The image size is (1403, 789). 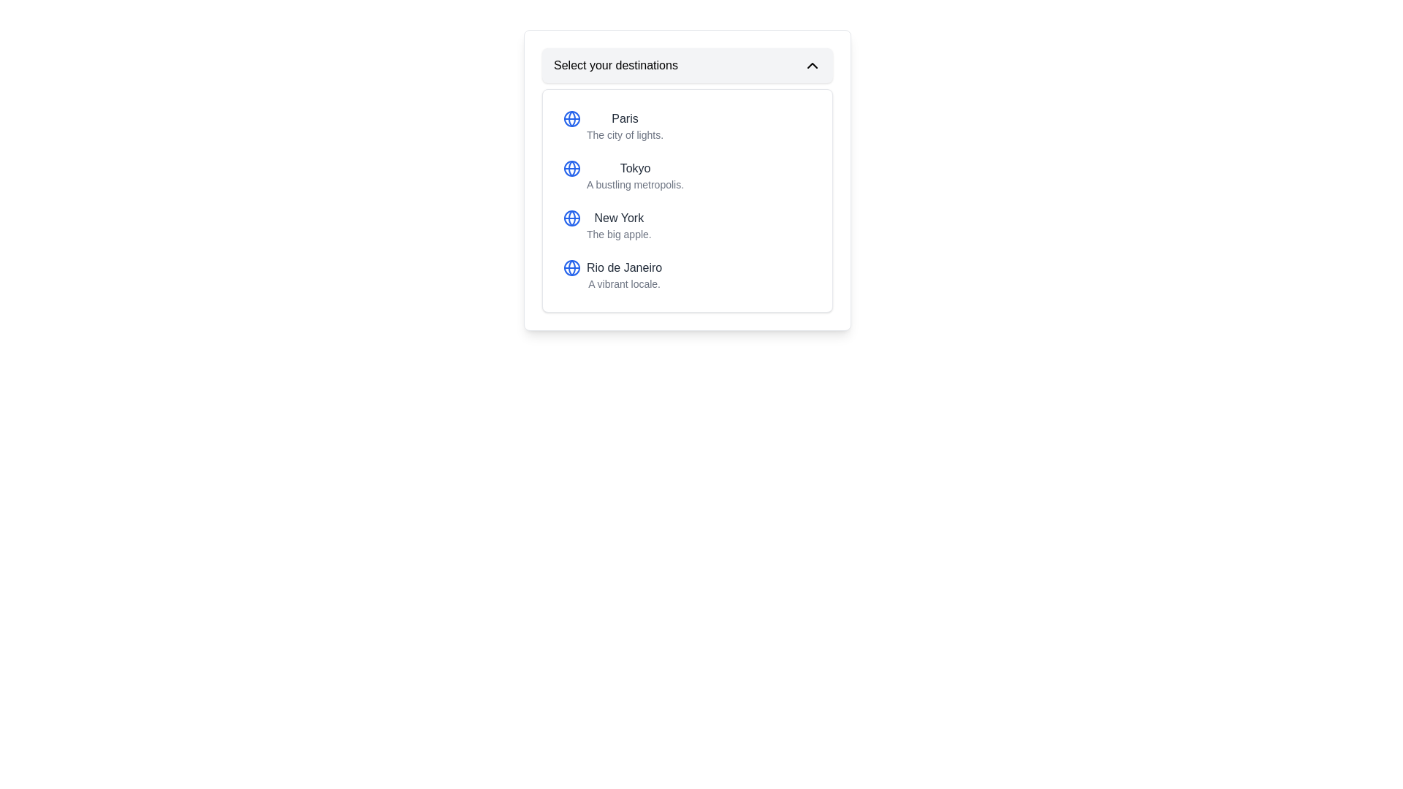 What do you see at coordinates (635, 184) in the screenshot?
I see `descriptive text content for the city 'Tokyo' located in the fourth position of the city destinations list panel, which appears beneath the 'Tokyo' label` at bounding box center [635, 184].